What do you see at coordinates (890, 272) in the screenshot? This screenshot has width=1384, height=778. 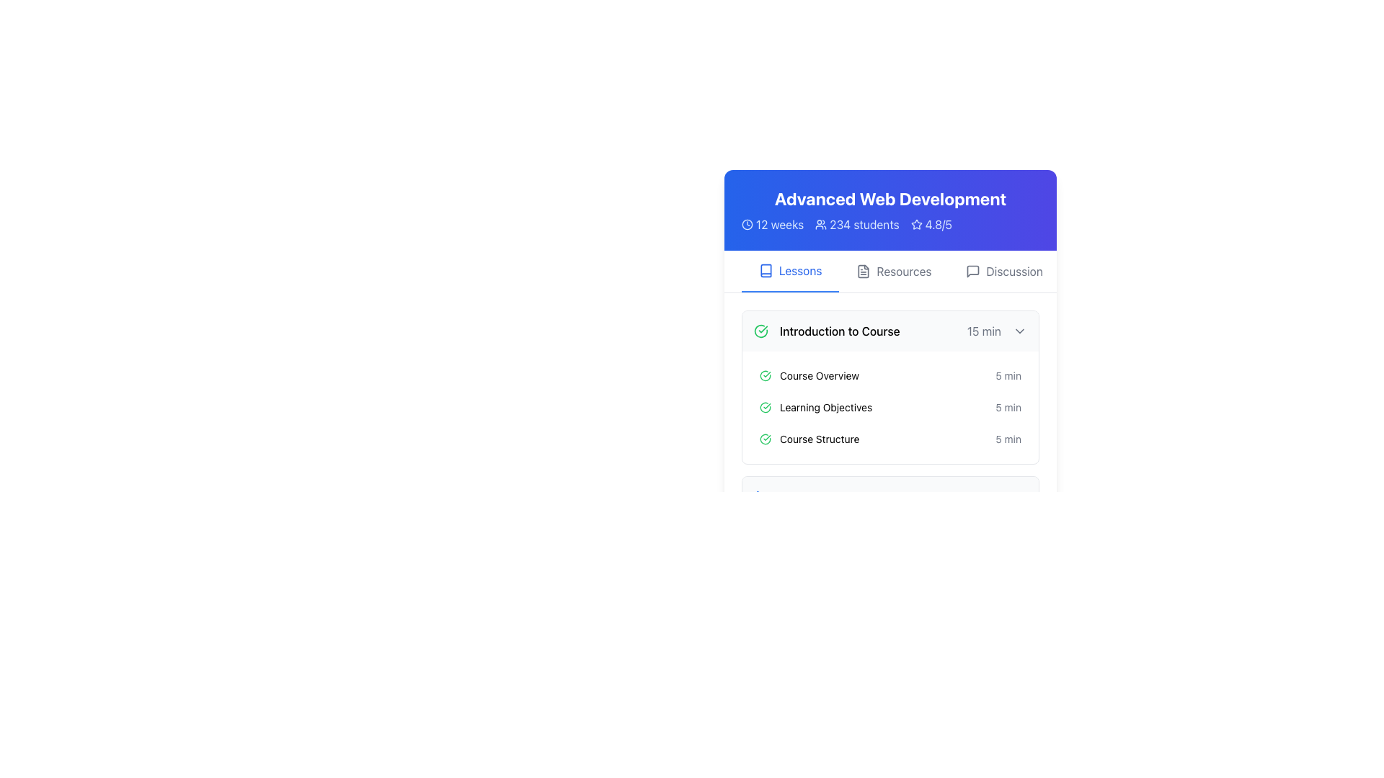 I see `the 'Resources' Navigation Tab, which is the second tab from the left in the navigation bar below the course title` at bounding box center [890, 272].